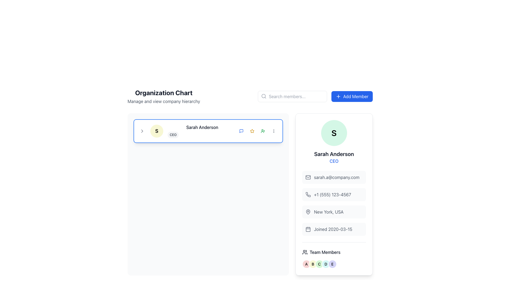  What do you see at coordinates (308, 229) in the screenshot?
I see `the date icon located to the left of the 'Joined 2020-03-15' text` at bounding box center [308, 229].